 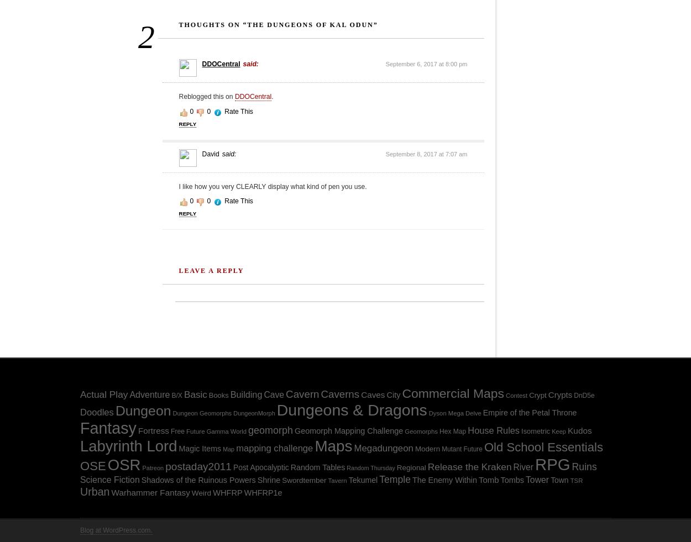 What do you see at coordinates (444, 480) in the screenshot?
I see `'The Enemy Within'` at bounding box center [444, 480].